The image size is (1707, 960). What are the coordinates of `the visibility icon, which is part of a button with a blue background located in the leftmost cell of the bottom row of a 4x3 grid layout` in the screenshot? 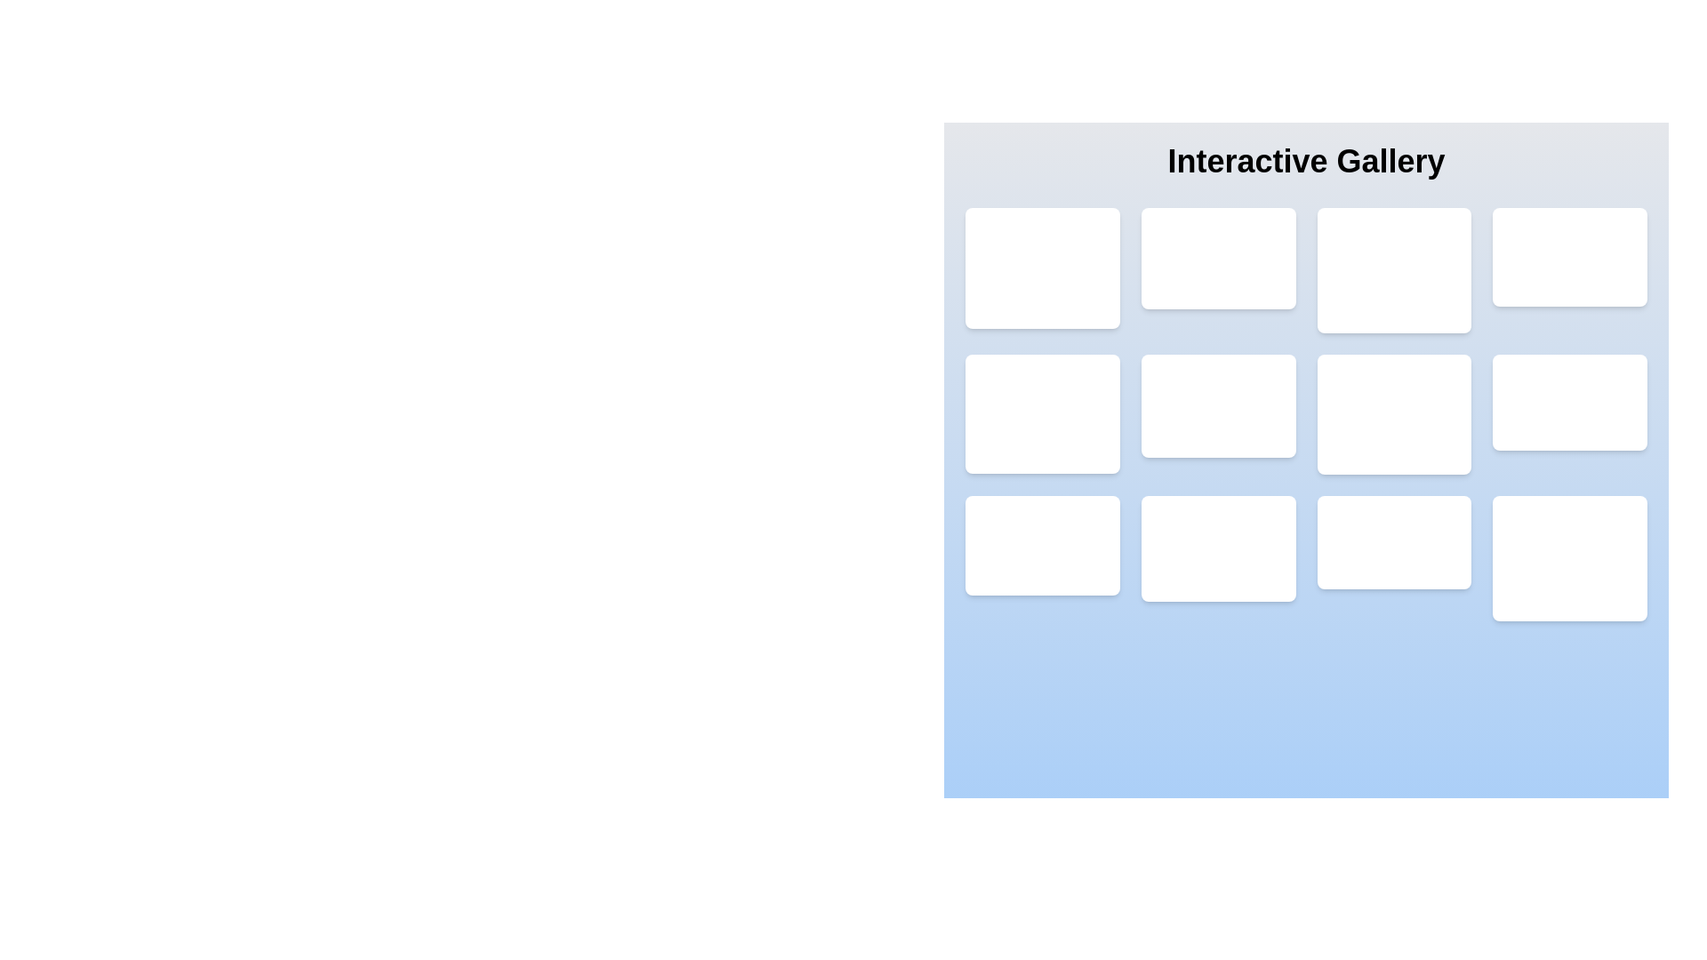 It's located at (1021, 586).